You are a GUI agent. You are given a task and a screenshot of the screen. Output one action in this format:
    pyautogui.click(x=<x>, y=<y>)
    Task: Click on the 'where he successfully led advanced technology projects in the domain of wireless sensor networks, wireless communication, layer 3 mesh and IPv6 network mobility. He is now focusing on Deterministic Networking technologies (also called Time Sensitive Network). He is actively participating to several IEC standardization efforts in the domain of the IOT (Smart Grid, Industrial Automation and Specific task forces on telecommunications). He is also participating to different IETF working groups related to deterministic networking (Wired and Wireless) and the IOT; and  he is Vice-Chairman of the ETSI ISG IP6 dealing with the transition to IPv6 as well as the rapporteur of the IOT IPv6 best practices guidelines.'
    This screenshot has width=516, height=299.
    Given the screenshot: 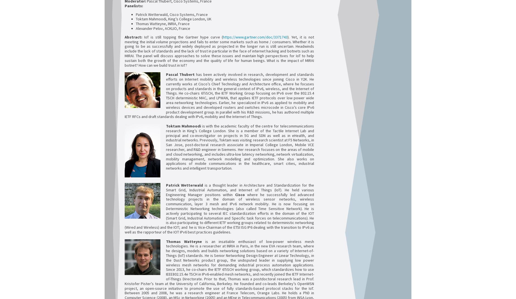 What is the action you would take?
    pyautogui.click(x=219, y=213)
    